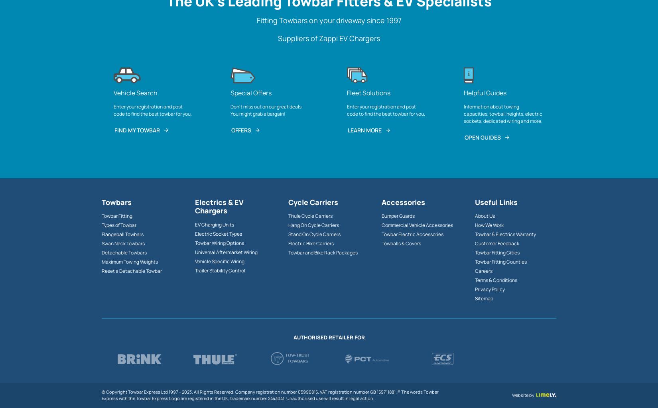 The height and width of the screenshot is (408, 658). I want to click on 'Useful Links', so click(475, 201).